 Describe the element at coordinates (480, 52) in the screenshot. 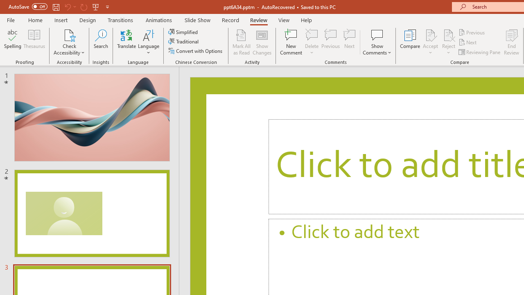

I see `'Reviewing Pane'` at that location.